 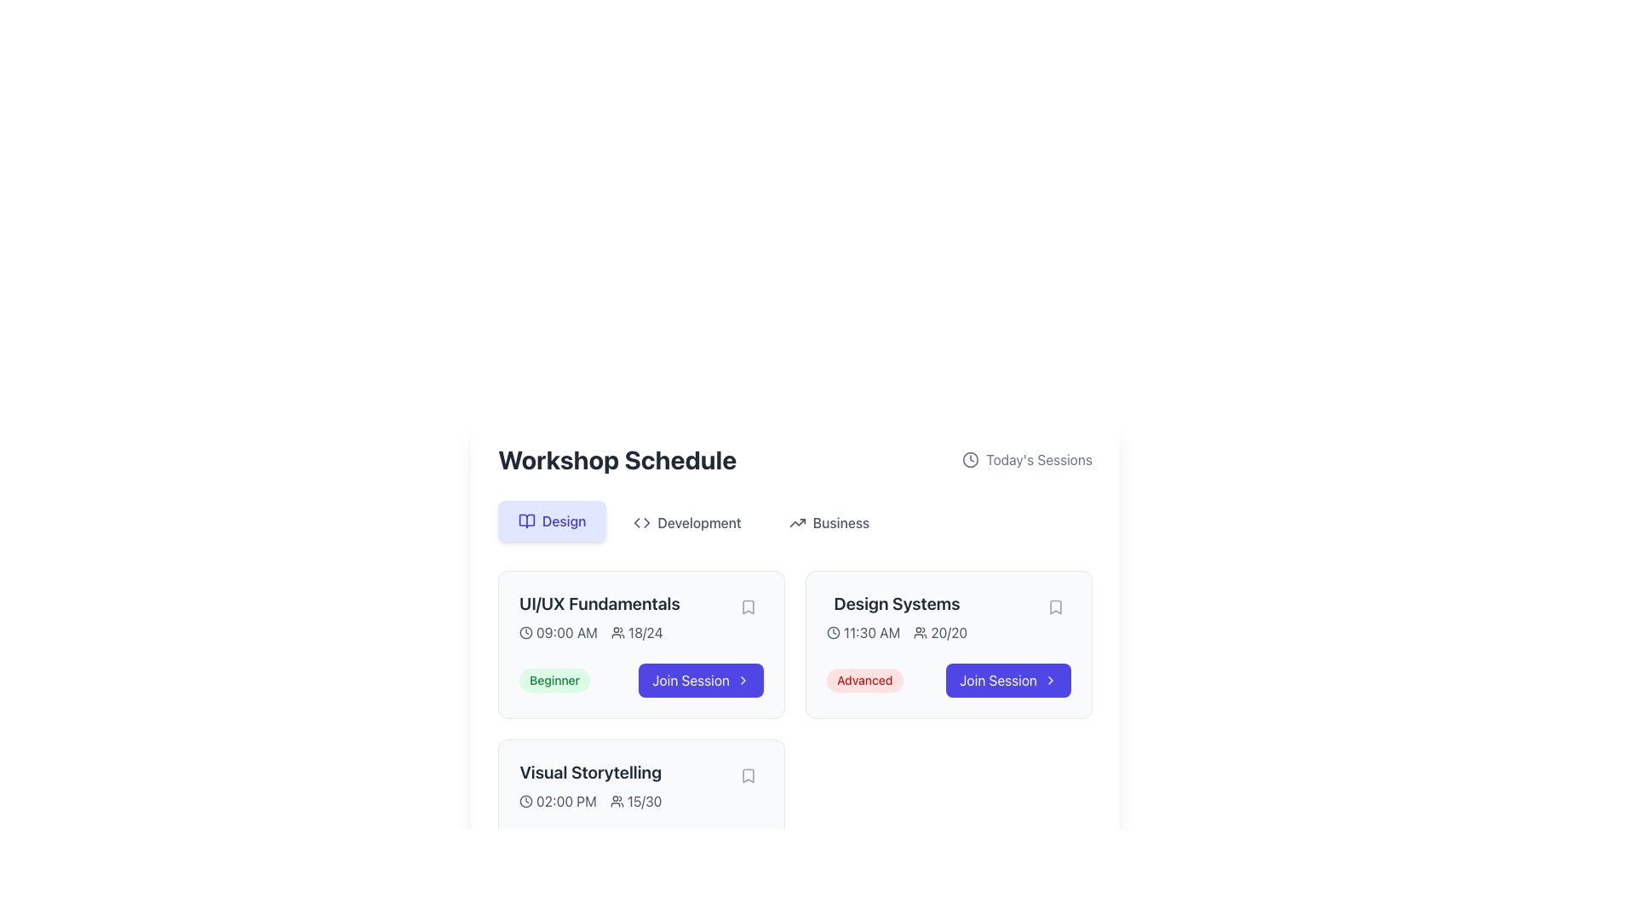 What do you see at coordinates (948, 679) in the screenshot?
I see `the 'Join Session' button, which is a blue rounded button with white text, located at the bottom right corner of the 'Design Systems' card` at bounding box center [948, 679].